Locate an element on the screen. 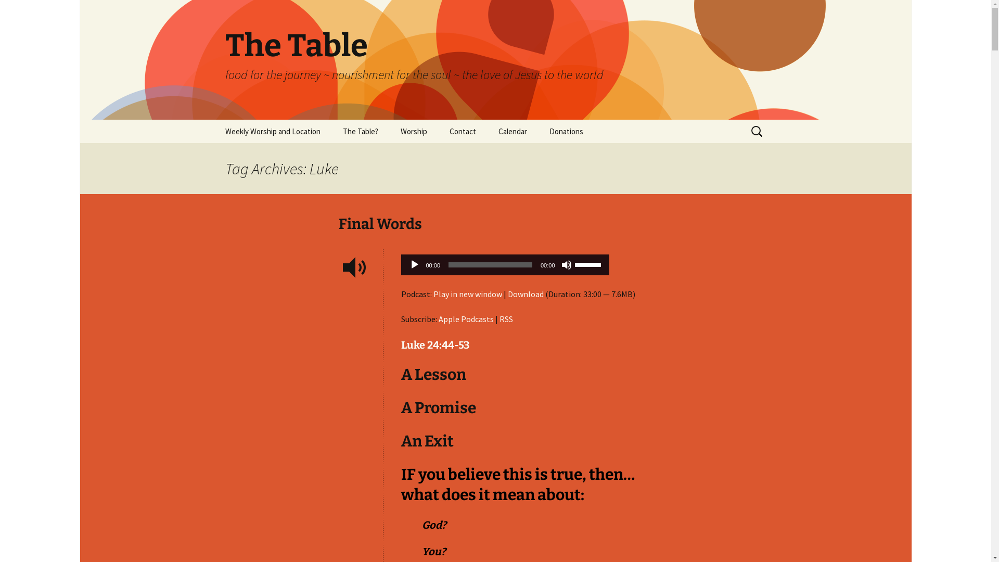 The height and width of the screenshot is (562, 999). 'Calendar' is located at coordinates (513, 131).